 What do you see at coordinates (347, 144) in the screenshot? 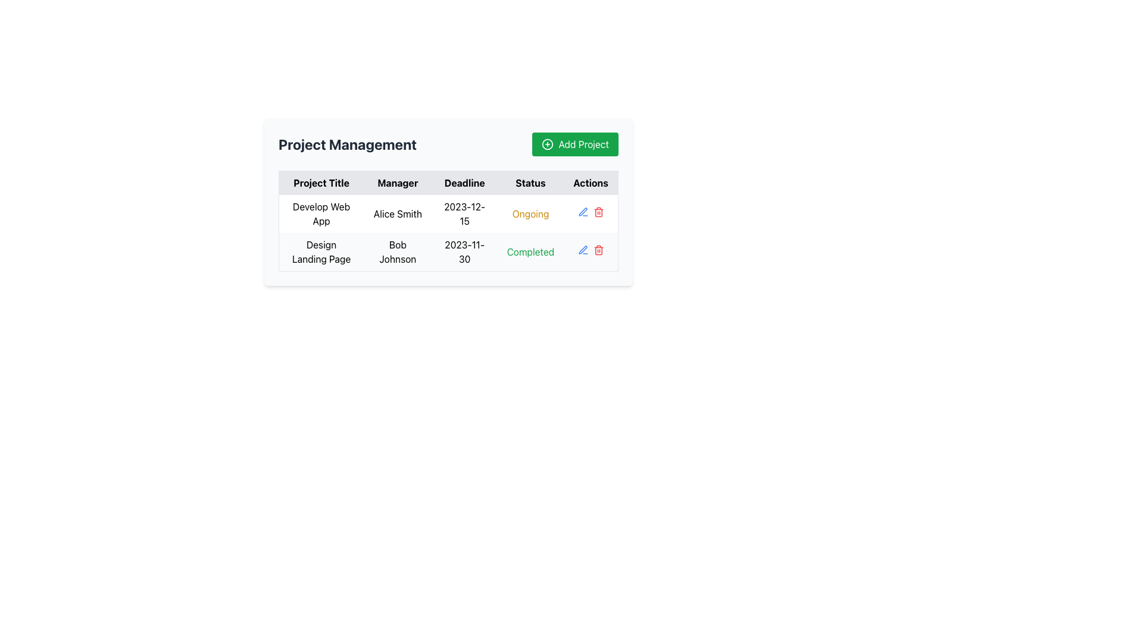
I see `on the text label displaying 'Project Management'` at bounding box center [347, 144].